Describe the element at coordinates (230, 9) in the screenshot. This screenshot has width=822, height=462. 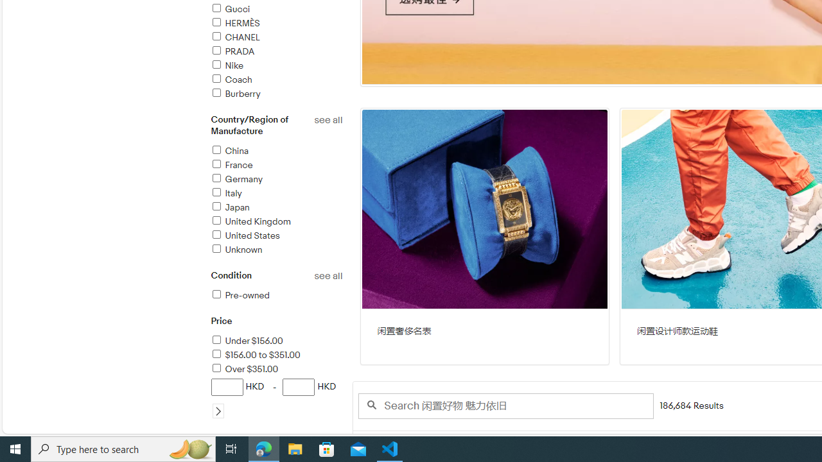
I see `'Gucci'` at that location.